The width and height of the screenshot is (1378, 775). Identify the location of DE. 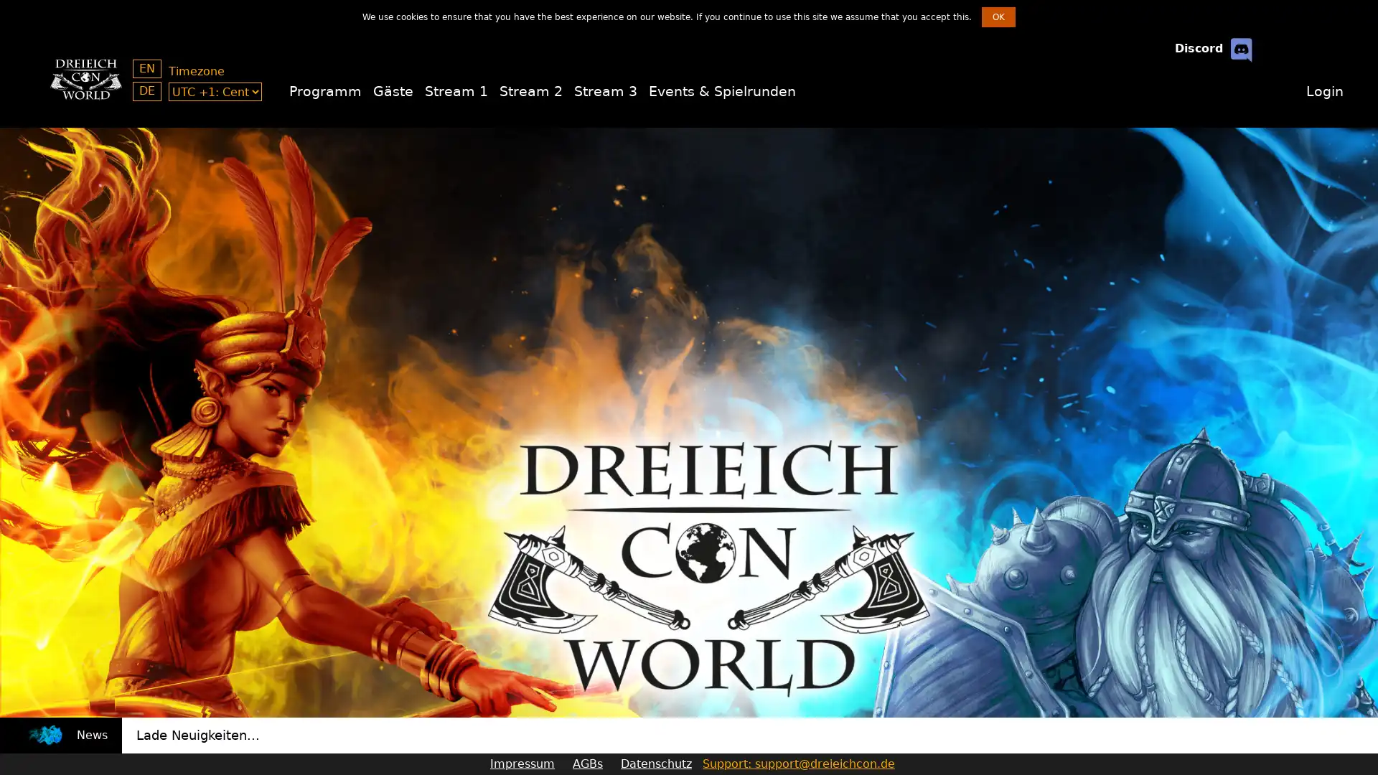
(147, 91).